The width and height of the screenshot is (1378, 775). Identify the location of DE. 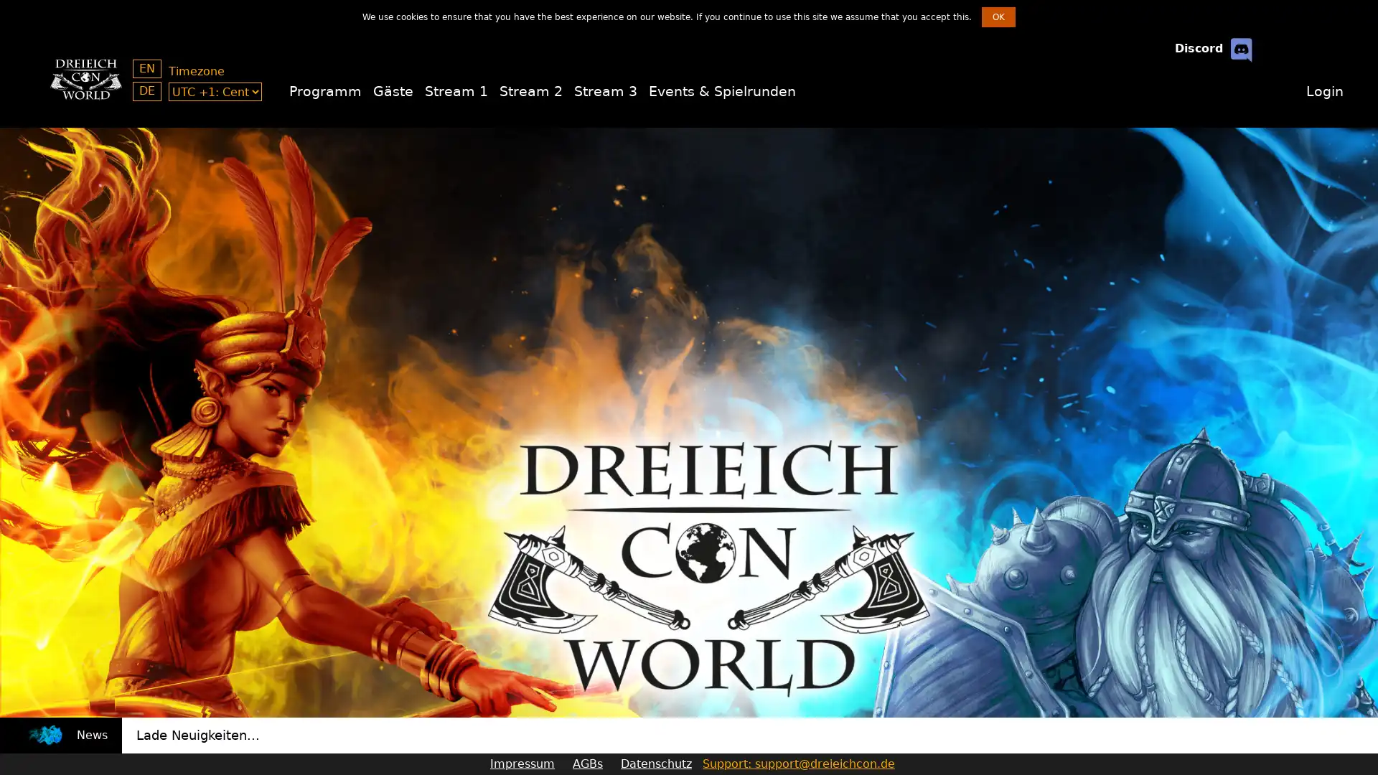
(147, 91).